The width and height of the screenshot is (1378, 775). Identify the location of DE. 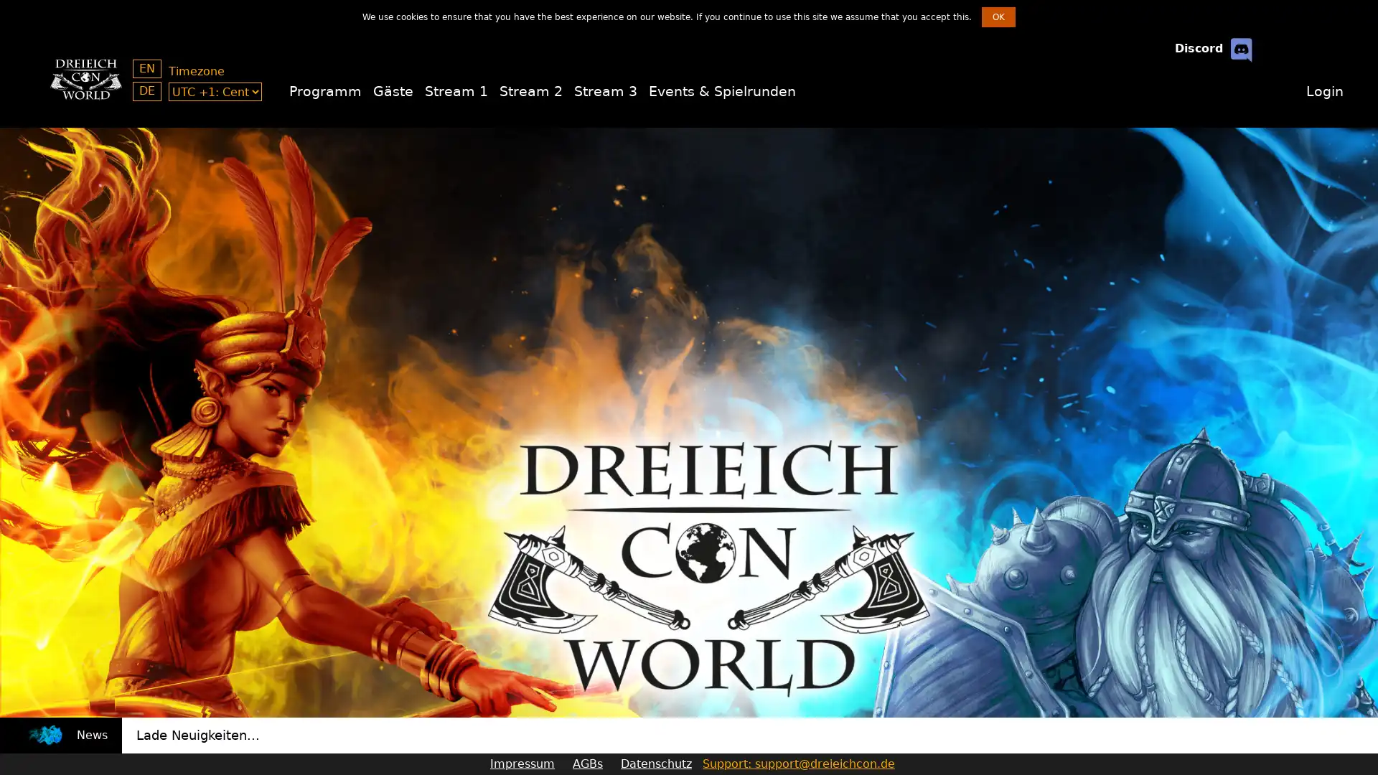
(147, 91).